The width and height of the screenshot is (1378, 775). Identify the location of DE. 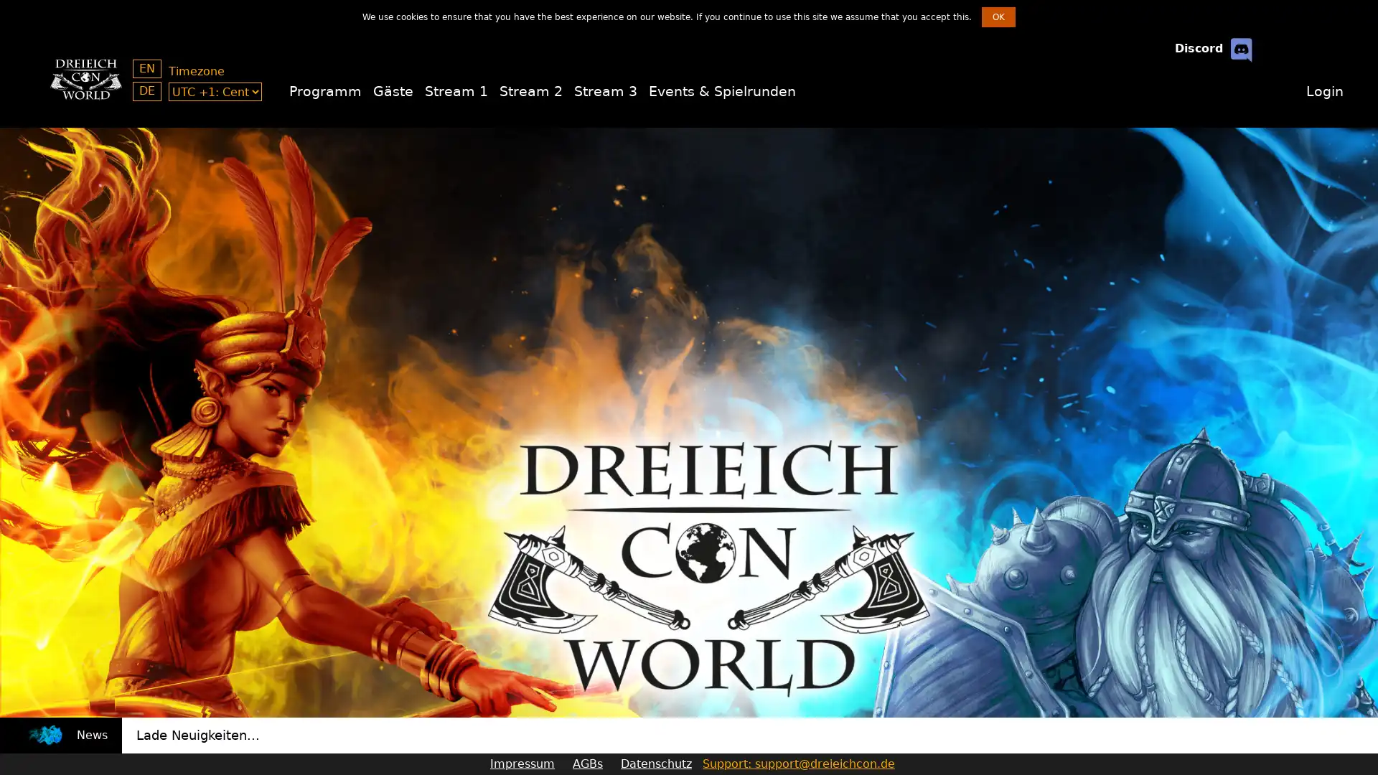
(147, 91).